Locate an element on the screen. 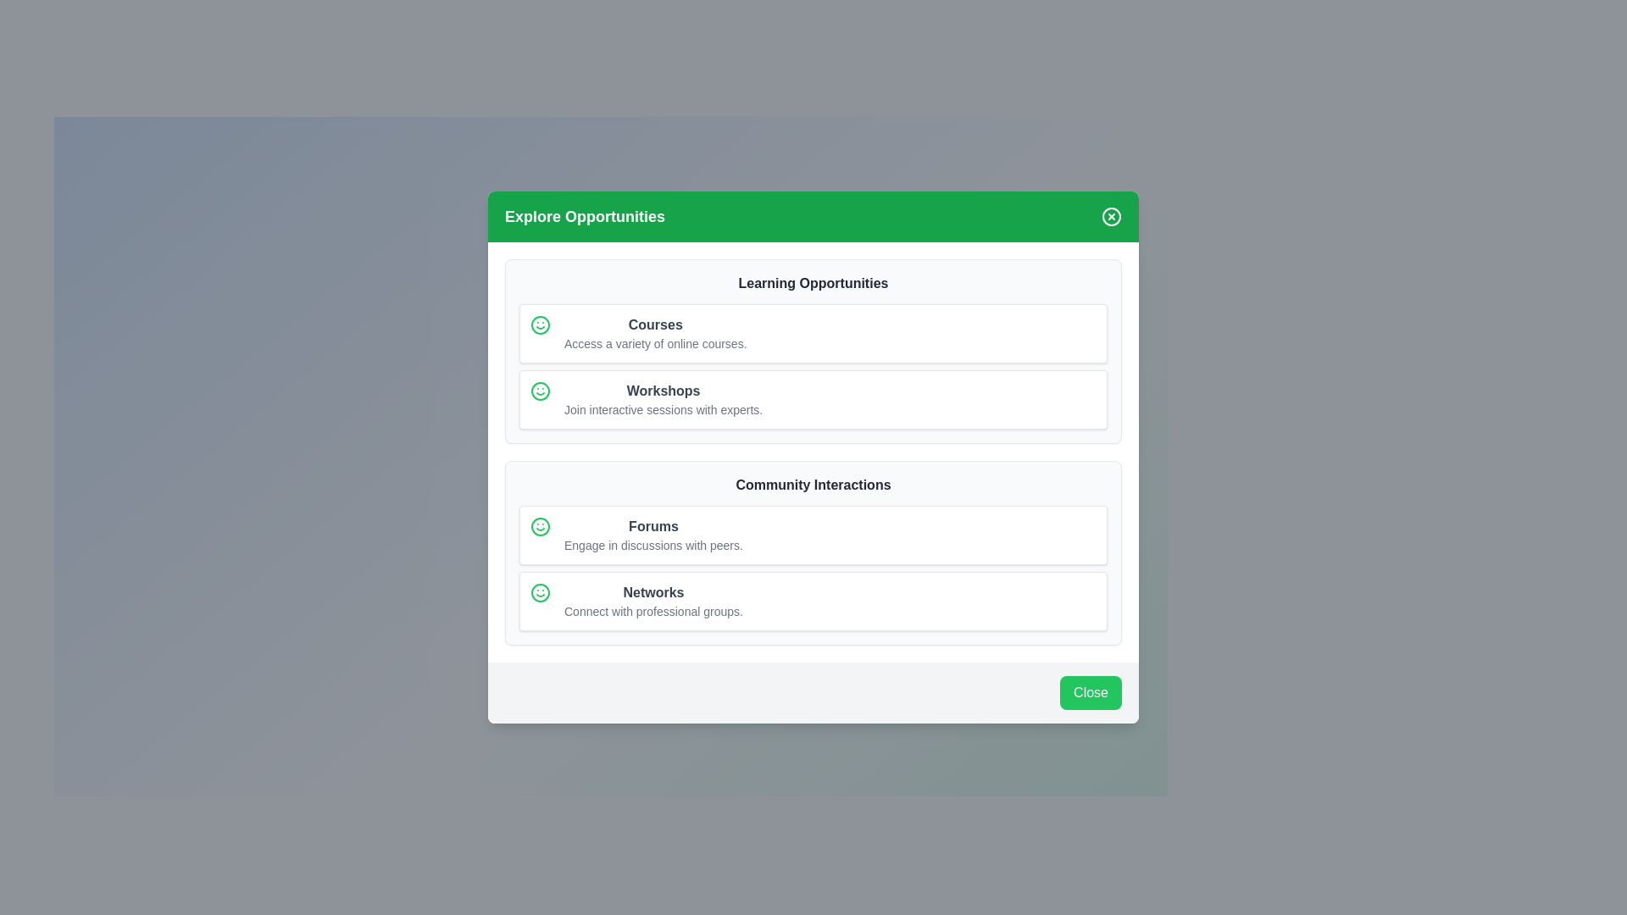  the Informative Card located in the 'Community Interactions' section, which is the first card above the 'Networks' card is located at coordinates (813, 535).